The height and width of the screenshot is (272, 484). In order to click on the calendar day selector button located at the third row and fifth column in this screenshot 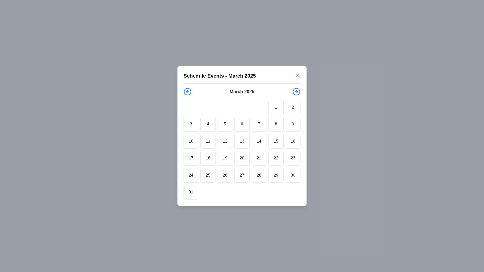, I will do `click(259, 141)`.